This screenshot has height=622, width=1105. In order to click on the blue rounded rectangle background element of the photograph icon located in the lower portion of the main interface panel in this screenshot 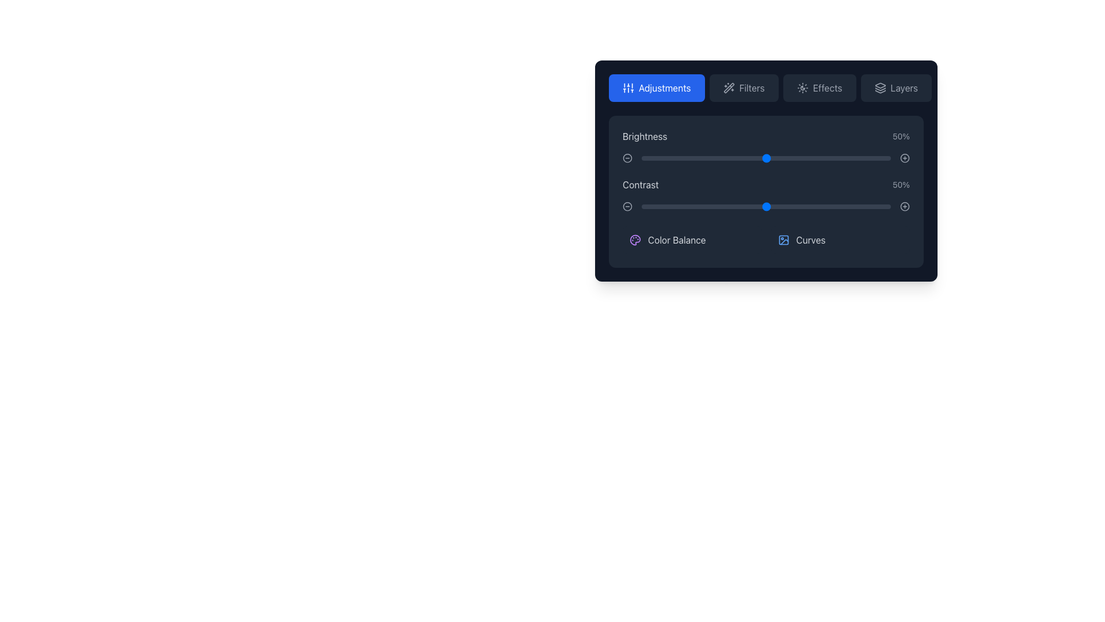, I will do `click(783, 239)`.